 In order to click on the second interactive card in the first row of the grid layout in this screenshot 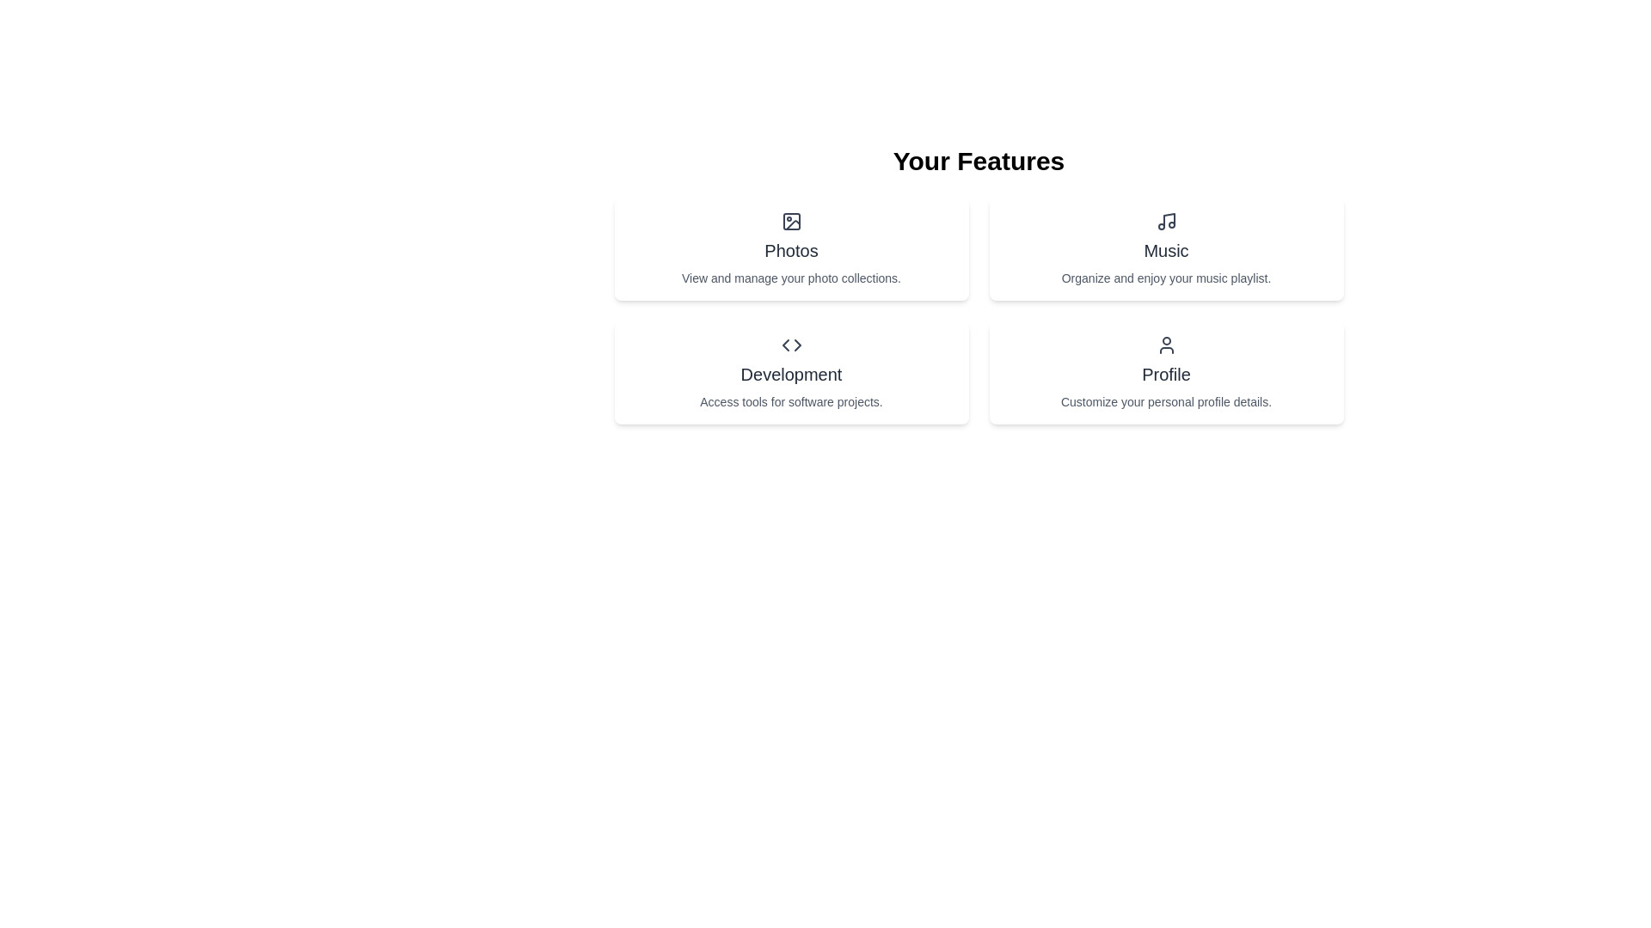, I will do `click(1166, 248)`.